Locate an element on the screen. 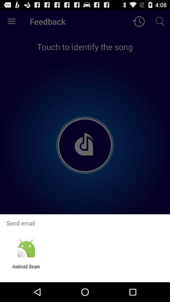  item below send email is located at coordinates (26, 249).